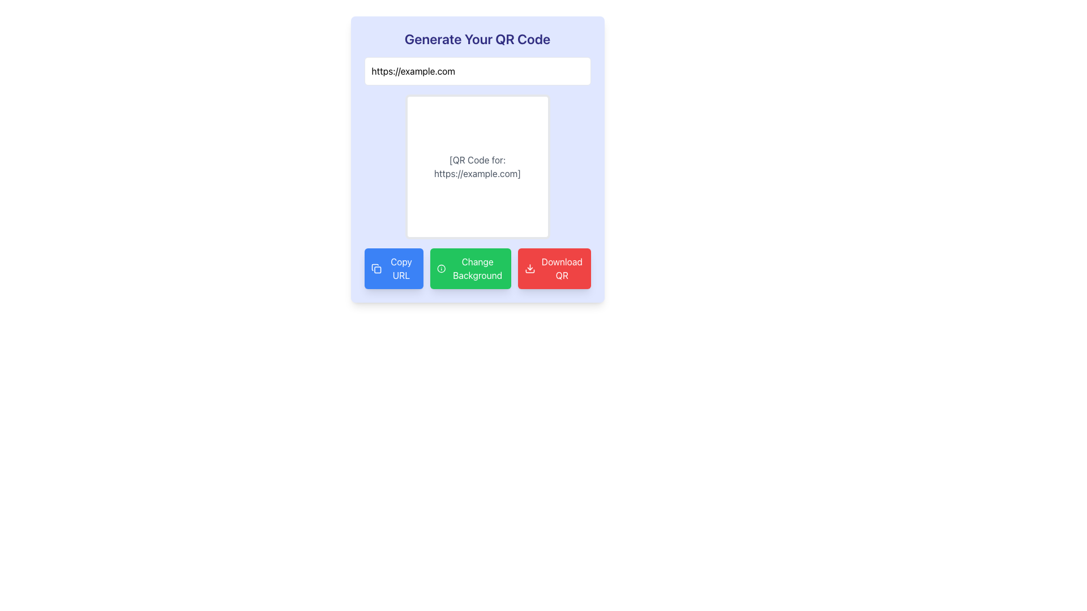  What do you see at coordinates (441, 268) in the screenshot?
I see `the decorative icon inside the 'Change Background' button, which enhances its visual appearance` at bounding box center [441, 268].